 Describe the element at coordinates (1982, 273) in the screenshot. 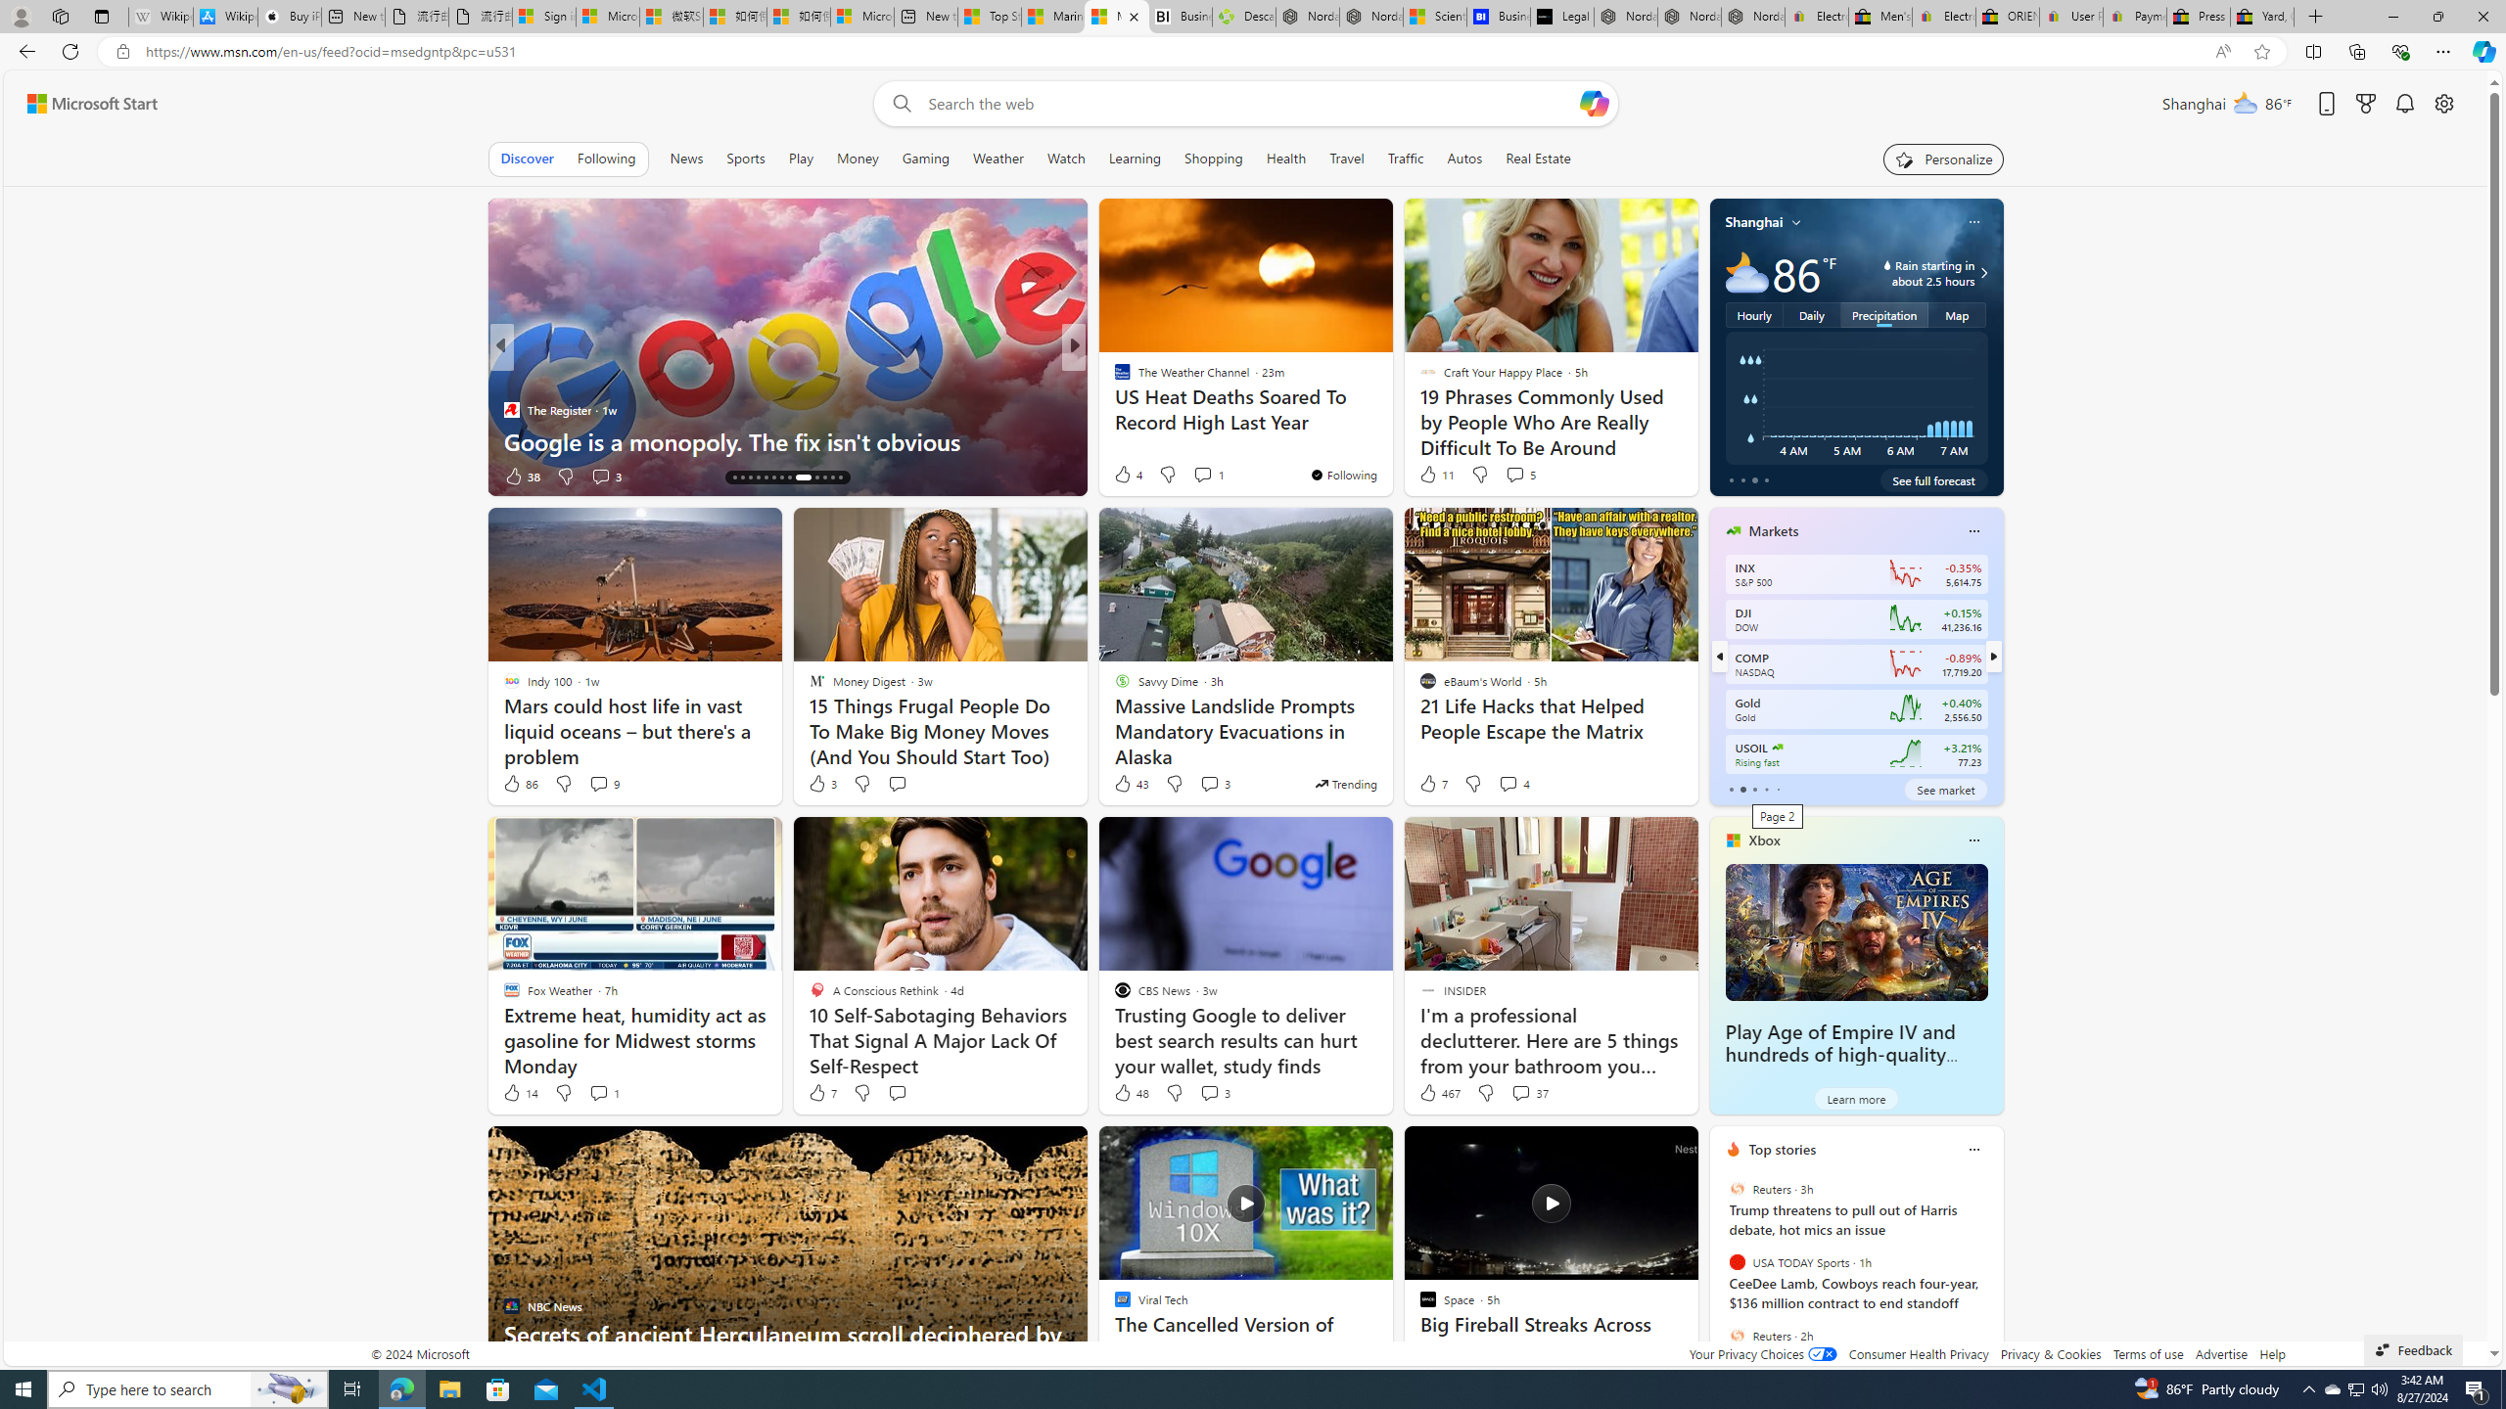

I see `'Class: weather-arrow-glyph'` at that location.